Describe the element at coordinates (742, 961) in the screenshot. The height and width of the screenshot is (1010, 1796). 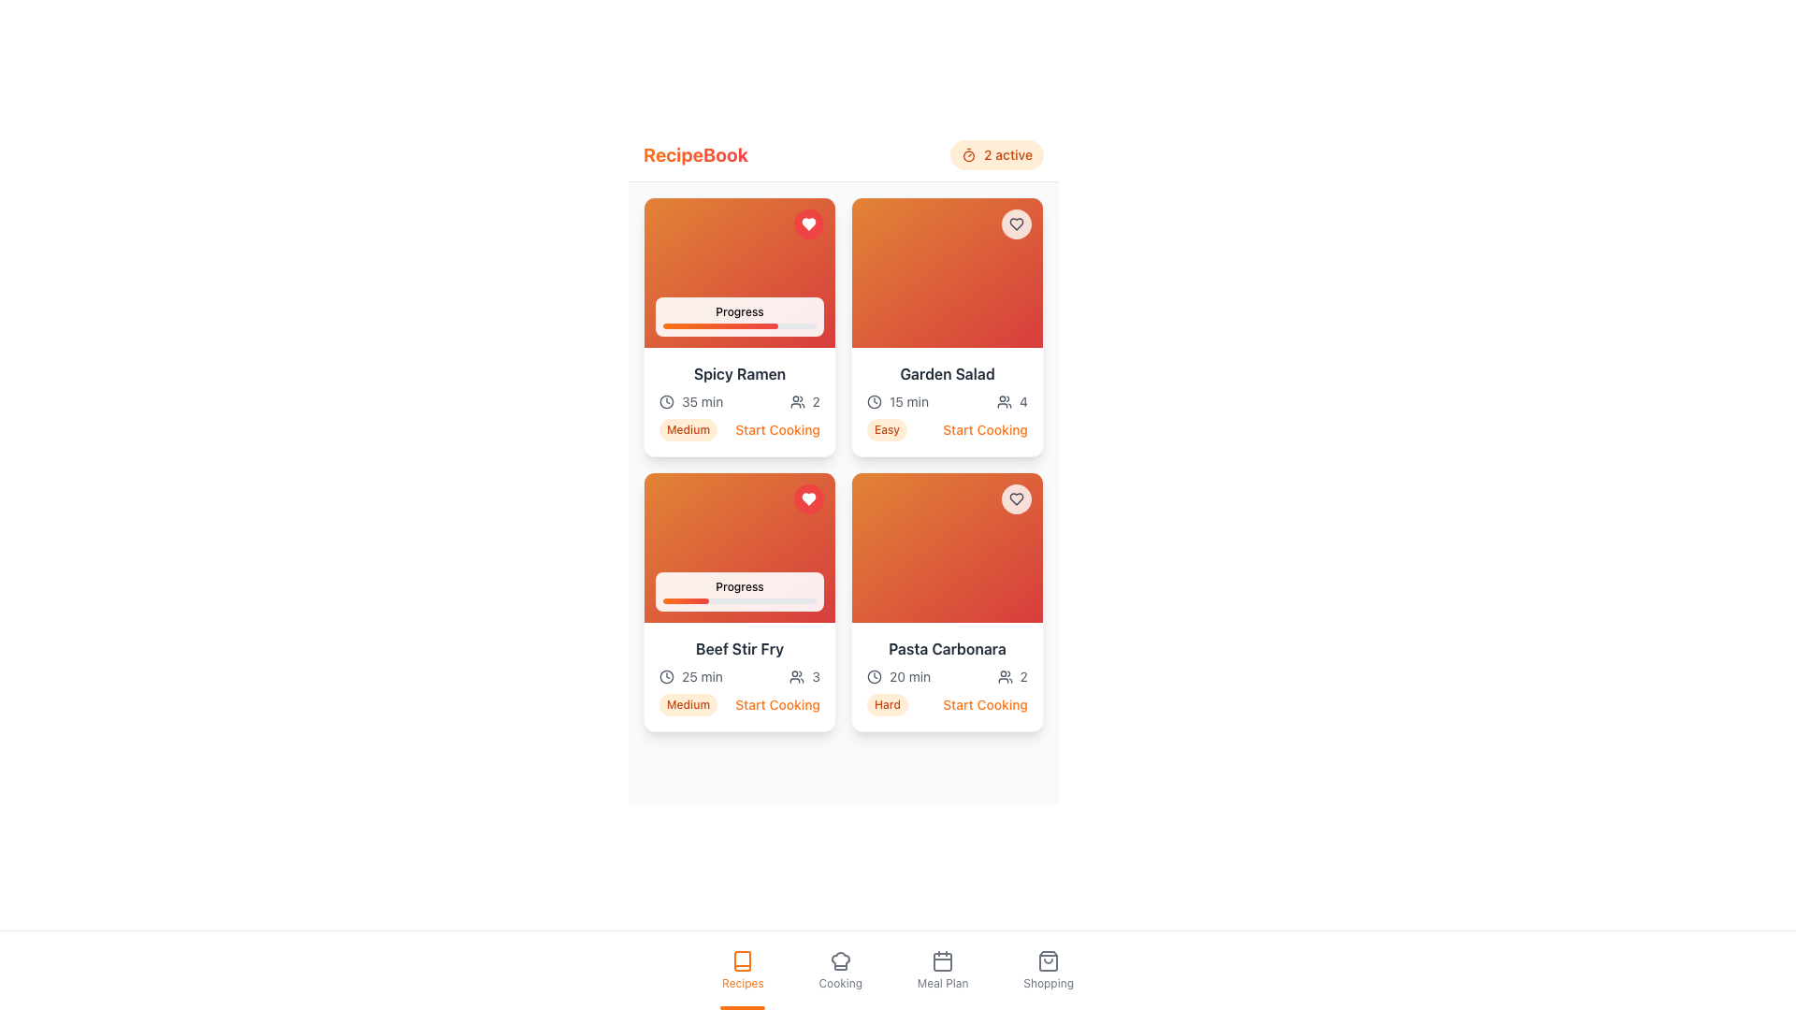
I see `the 'Recipes' tab icon, which is represented by a stroke-based SVG illustration of a book symbol located centrally within the bottom navigation bar` at that location.